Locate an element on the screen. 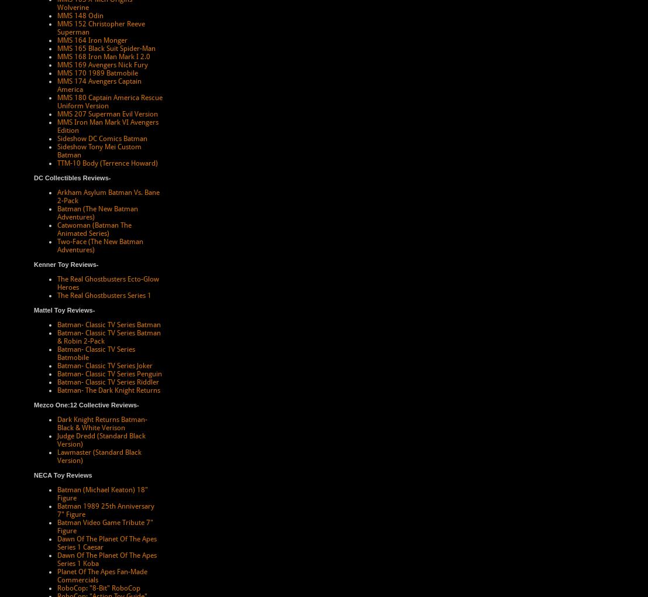 Image resolution: width=648 pixels, height=597 pixels. 'TTM-10 Body (Terrence Howard)' is located at coordinates (107, 162).